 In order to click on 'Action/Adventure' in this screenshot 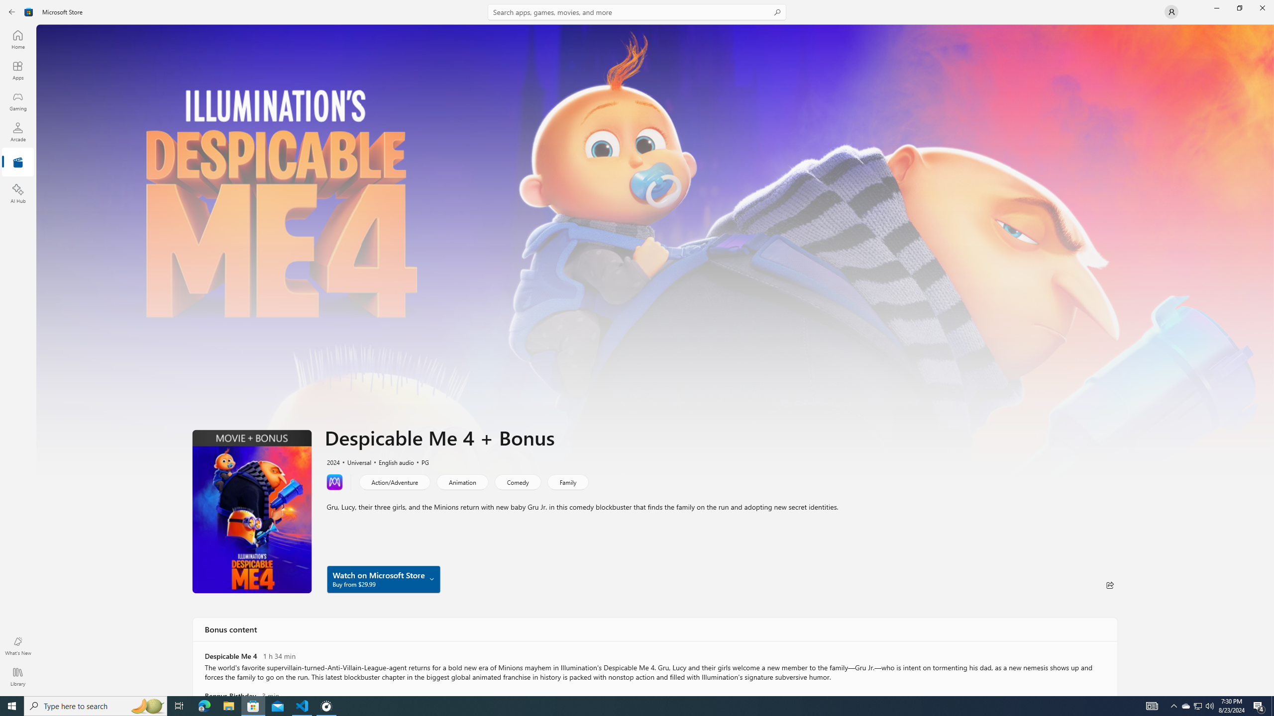, I will do `click(394, 481)`.